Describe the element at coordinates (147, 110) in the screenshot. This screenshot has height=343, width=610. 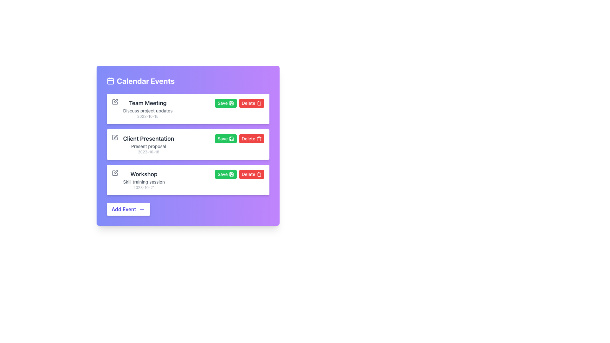
I see `the static text element that serves as a subtitle for the title 'Team Meeting', located below the title and above the date '2023-10-15'` at that location.